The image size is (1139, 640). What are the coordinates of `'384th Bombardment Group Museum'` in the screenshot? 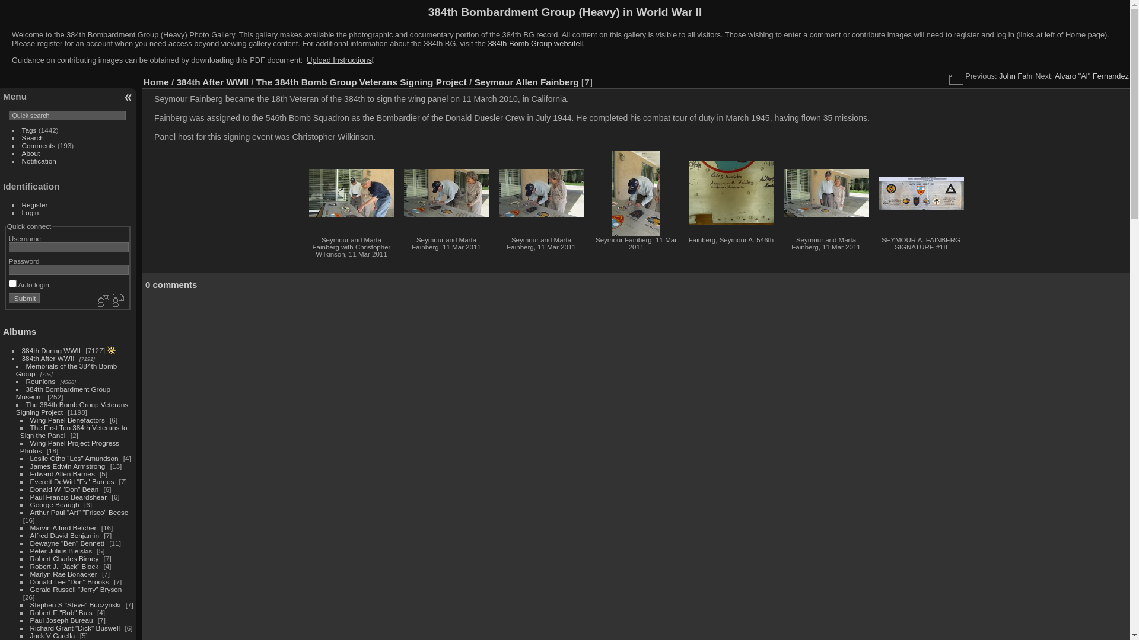 It's located at (62, 393).